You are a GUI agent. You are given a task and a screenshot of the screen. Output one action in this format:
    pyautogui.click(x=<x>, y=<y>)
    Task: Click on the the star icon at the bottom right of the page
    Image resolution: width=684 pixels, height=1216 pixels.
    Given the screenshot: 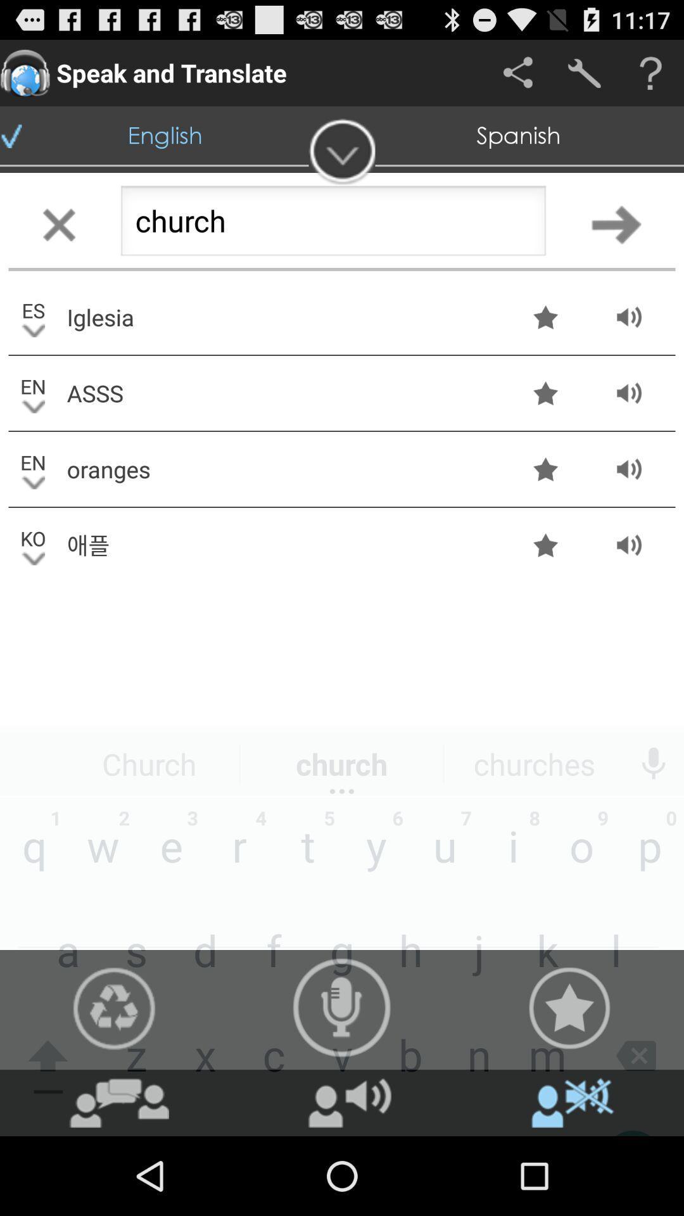 What is the action you would take?
    pyautogui.click(x=569, y=1008)
    